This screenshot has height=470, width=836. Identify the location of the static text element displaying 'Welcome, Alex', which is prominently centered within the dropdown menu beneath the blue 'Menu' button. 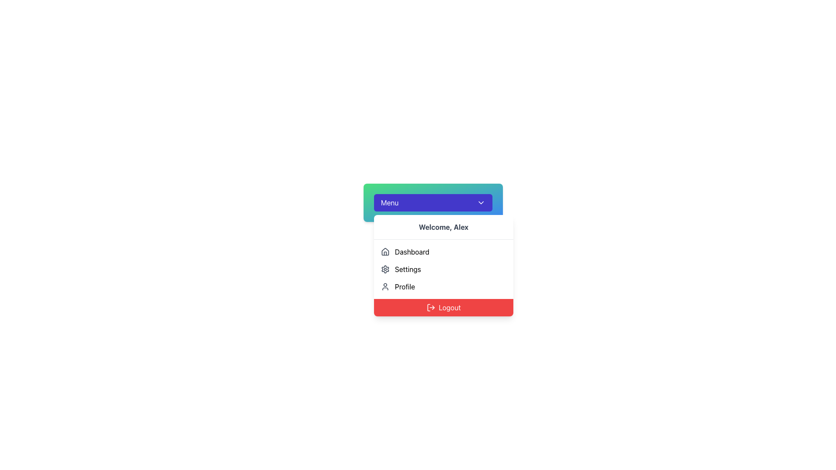
(443, 226).